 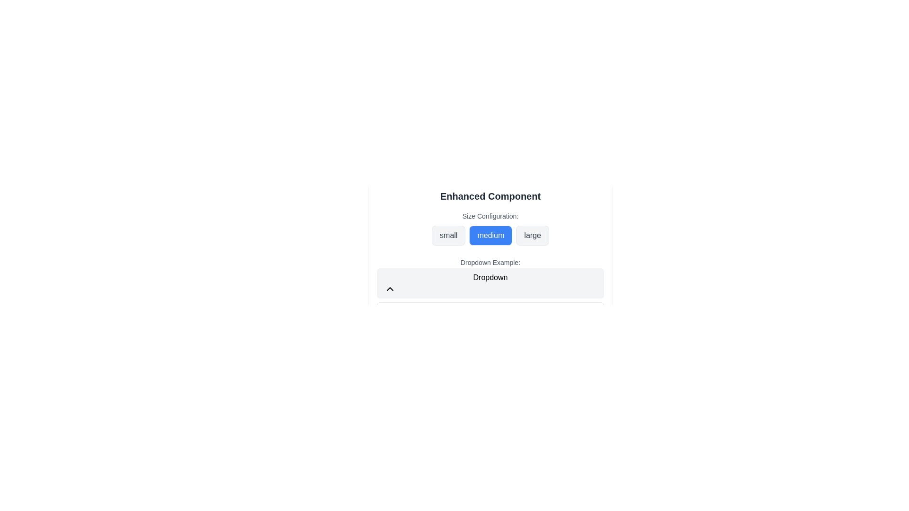 I want to click on the 'medium' size option button, which is a rectangular button with rounded corners, blue background, and white text, located centrally below the 'Size Configuration:' label, so click(x=490, y=235).